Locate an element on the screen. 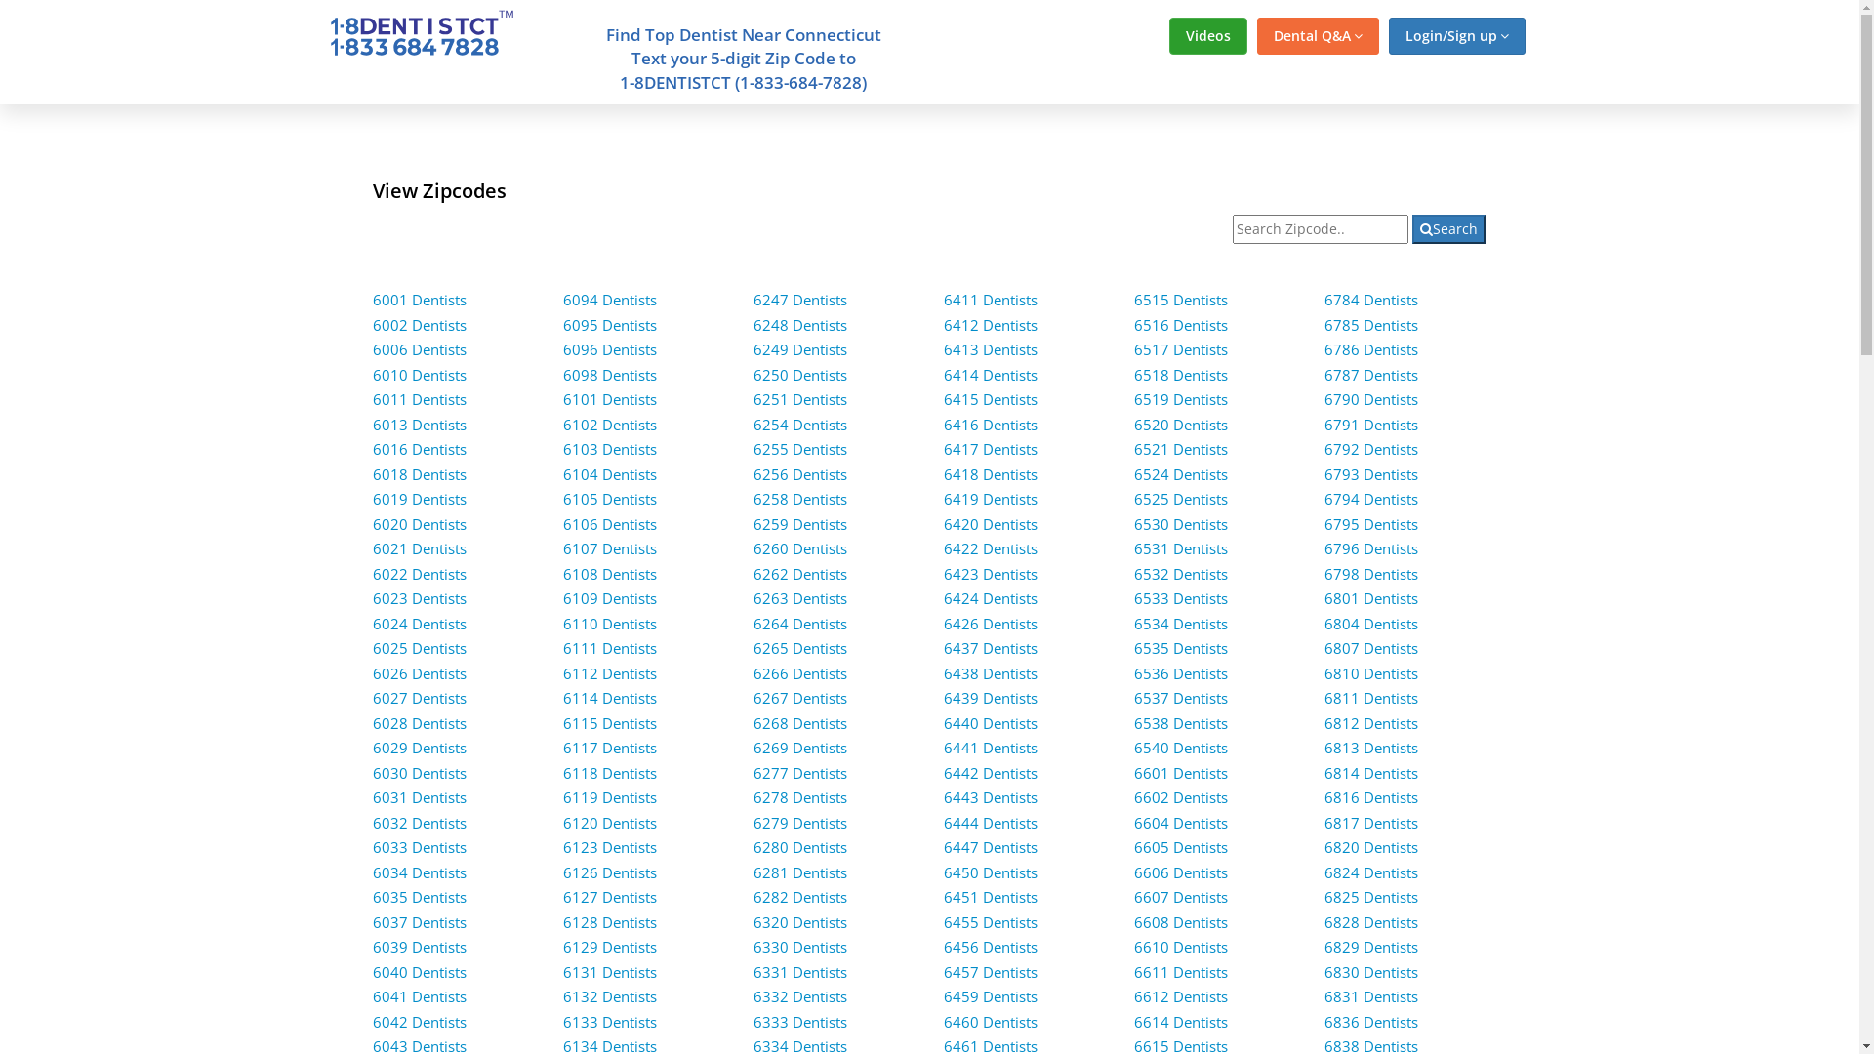 The height and width of the screenshot is (1054, 1874). '6129 Dentists' is located at coordinates (608, 945).